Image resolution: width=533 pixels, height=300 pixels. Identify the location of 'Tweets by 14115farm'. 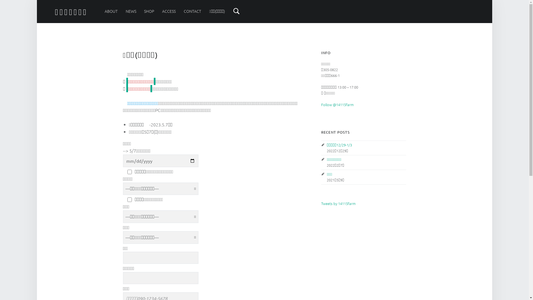
(338, 203).